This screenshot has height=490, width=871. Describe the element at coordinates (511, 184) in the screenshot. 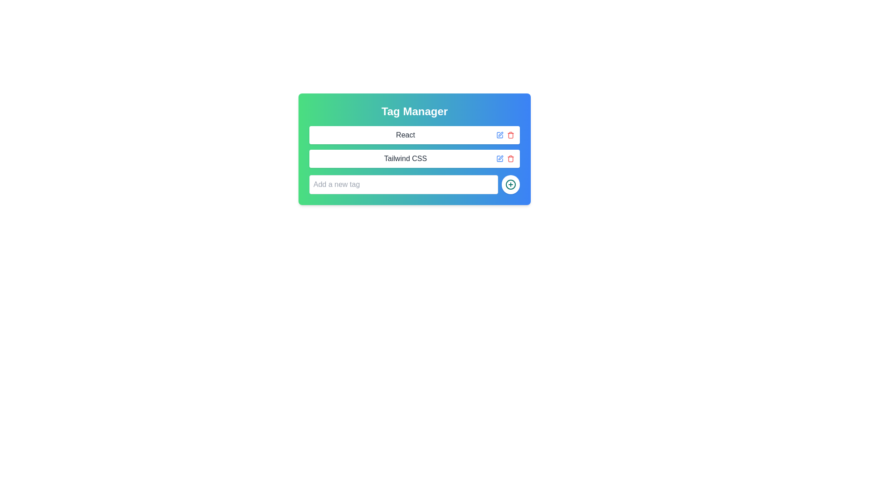

I see `the circular button with a teal plus sign icon by navigating to it` at that location.